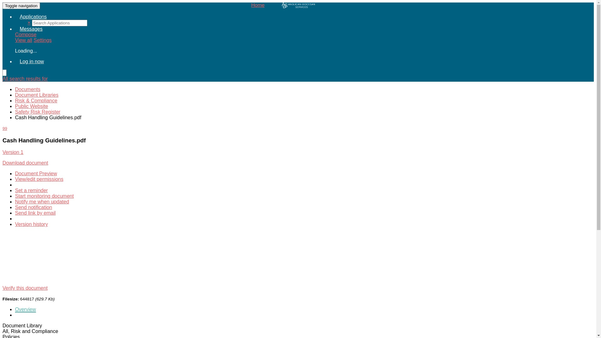  I want to click on 'View/edit permissions', so click(39, 179).